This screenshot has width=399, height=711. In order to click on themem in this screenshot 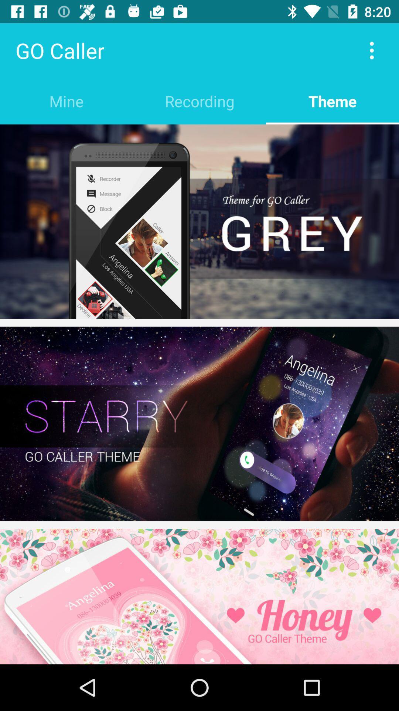, I will do `click(199, 424)`.